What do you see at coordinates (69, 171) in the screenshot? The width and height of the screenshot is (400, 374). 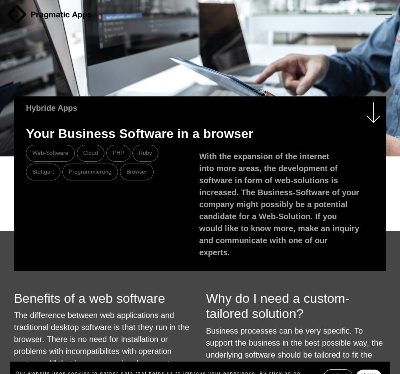 I see `'Programmierung'` at bounding box center [69, 171].